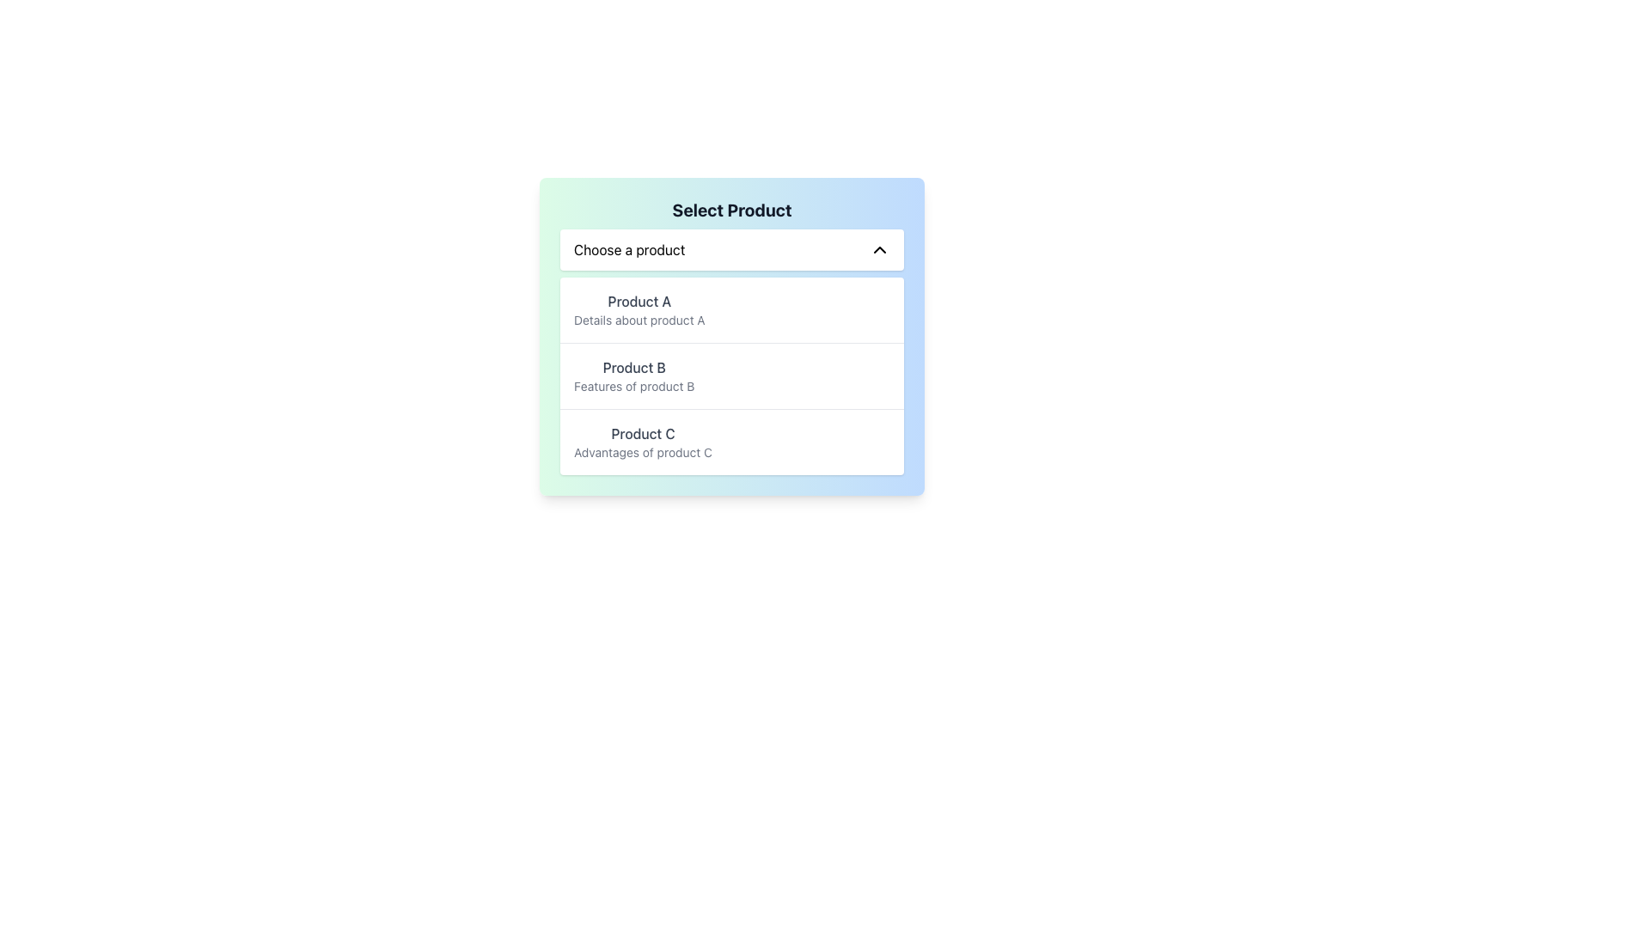 The height and width of the screenshot is (928, 1650). Describe the element at coordinates (642, 452) in the screenshot. I see `the label that reads 'Advantages of product C', which is styled in a smaller font size and lighter gray color, located beneath the heading 'Product C' in the card structure` at that location.